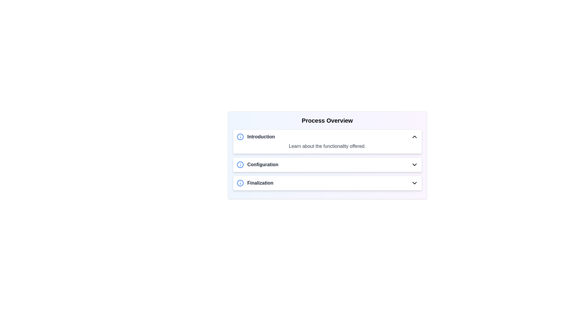  I want to click on the circular icon associated with the 'Introduction' label located at the top of the process overview panel, so click(240, 137).